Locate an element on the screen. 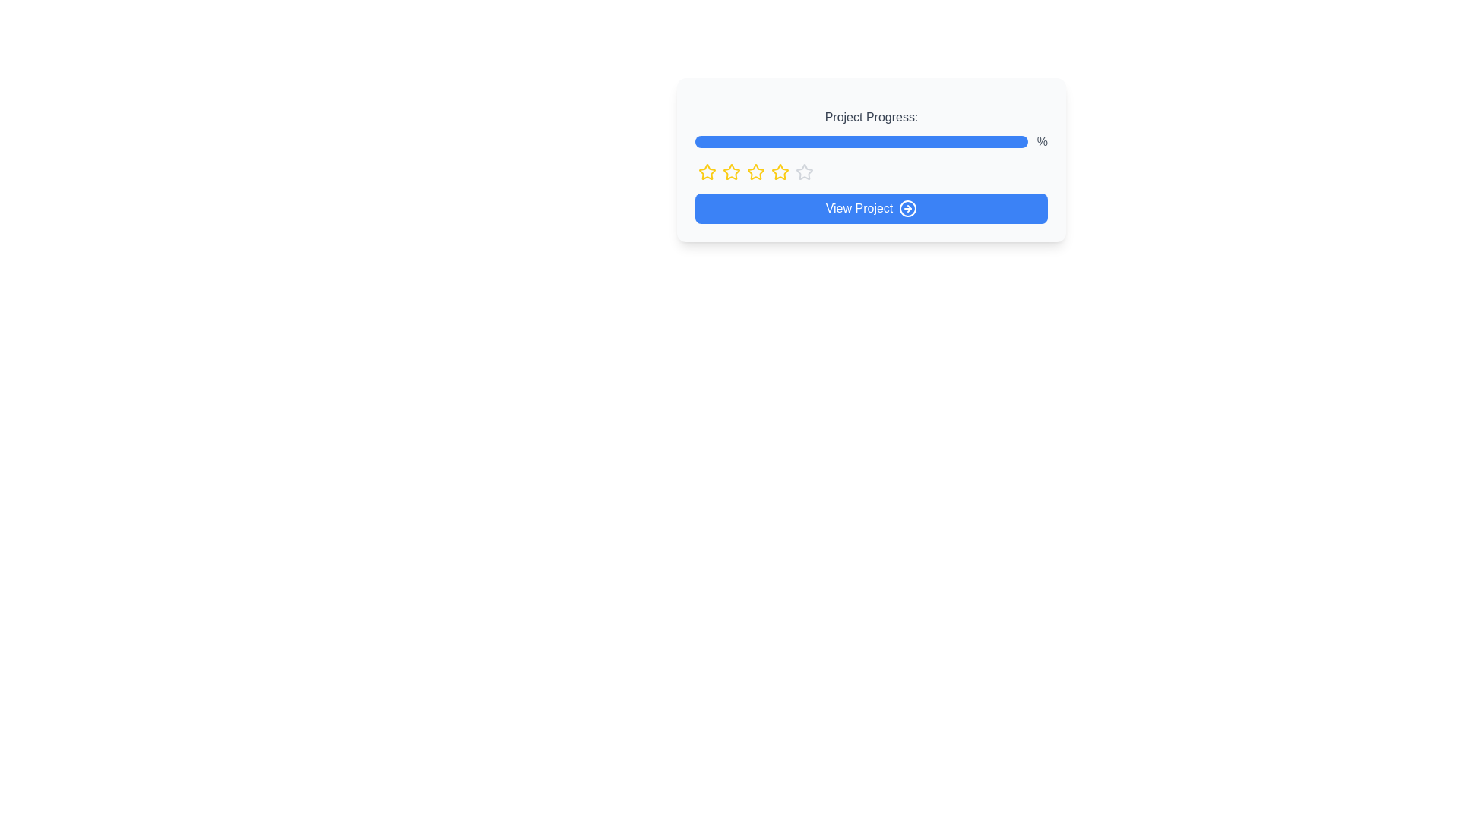  progress is located at coordinates (724, 141).